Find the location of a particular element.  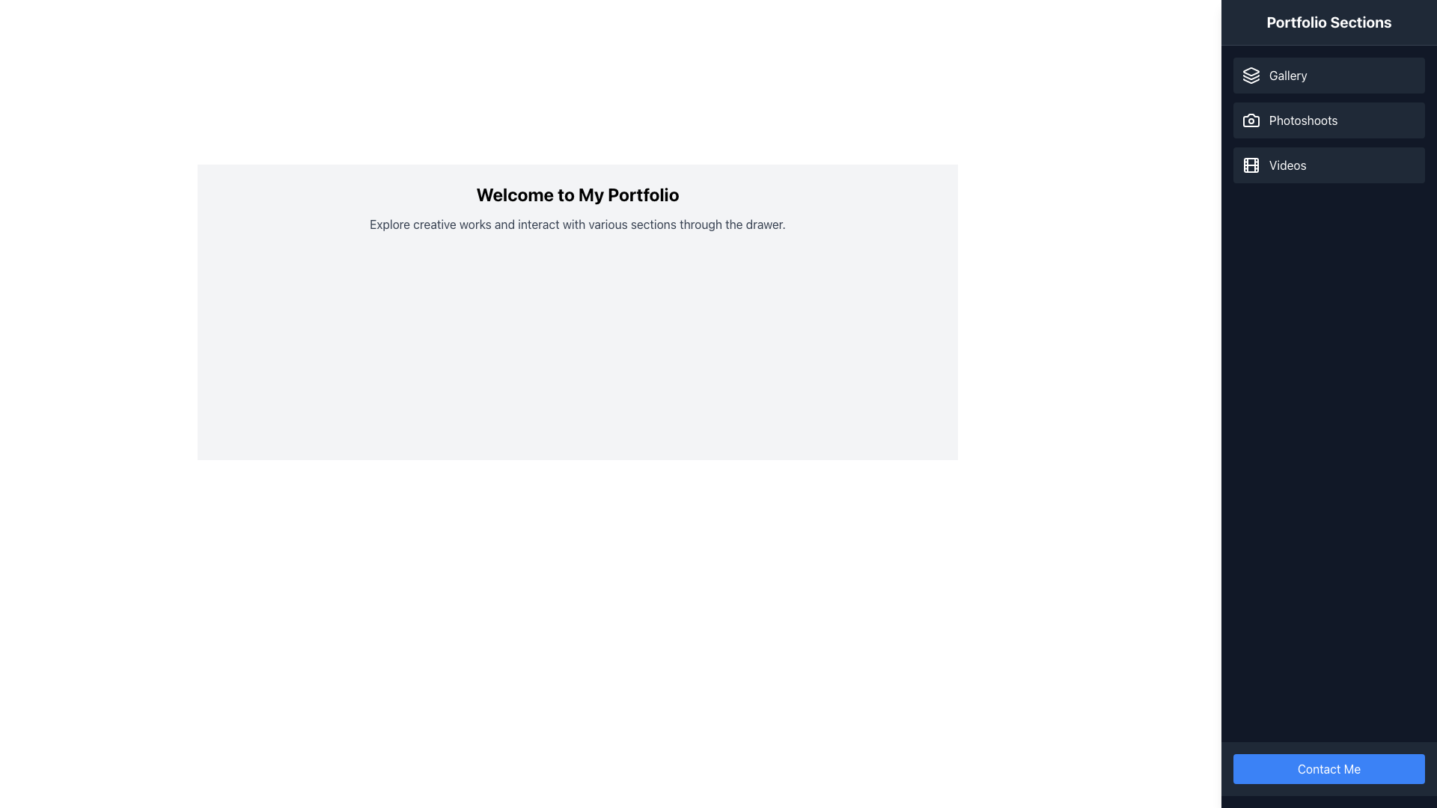

the text element that contains the message 'Explore creative works and interact with various sections through the drawer.' which is located below the title 'Welcome to My Portfolio' in a light gray background is located at coordinates (577, 224).